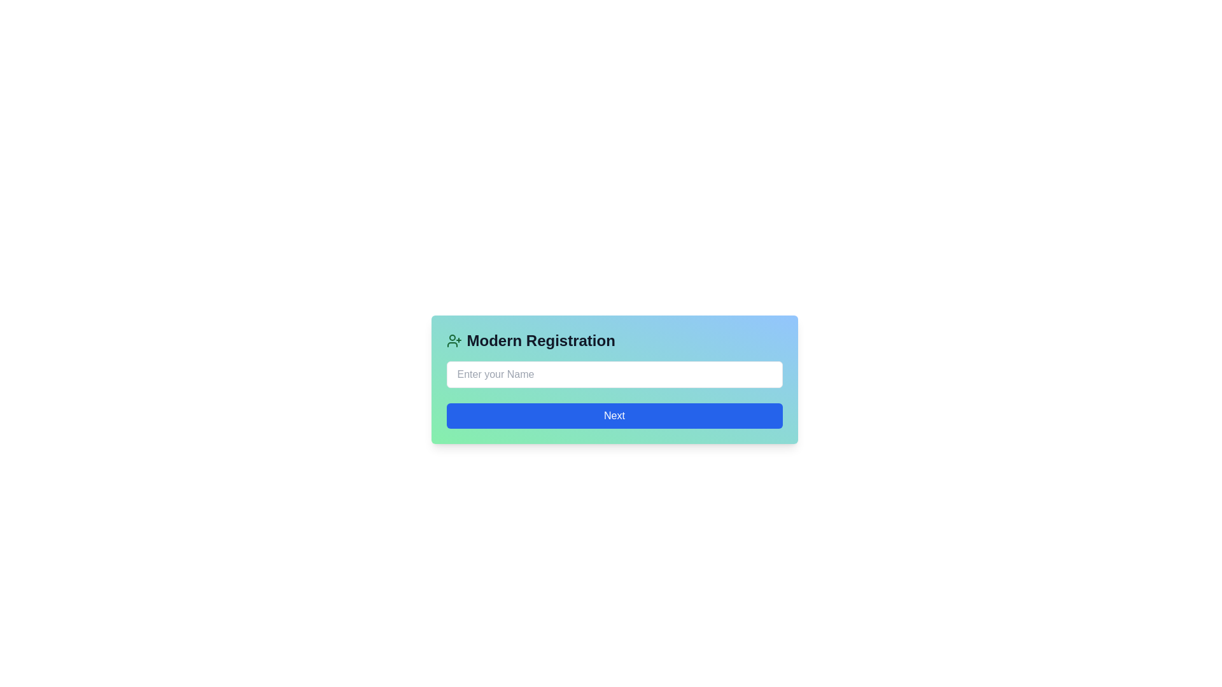 This screenshot has height=687, width=1222. What do you see at coordinates (454, 340) in the screenshot?
I see `the user silhouette icon with a plus symbol, styled in green, located to the left of the 'Modern Registration' text` at bounding box center [454, 340].